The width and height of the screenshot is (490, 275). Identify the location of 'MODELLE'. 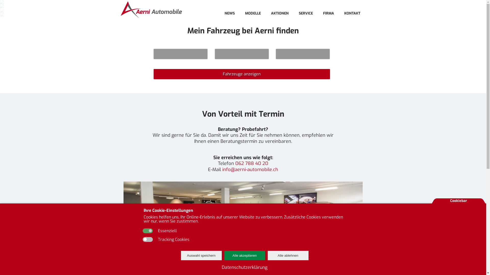
(253, 13).